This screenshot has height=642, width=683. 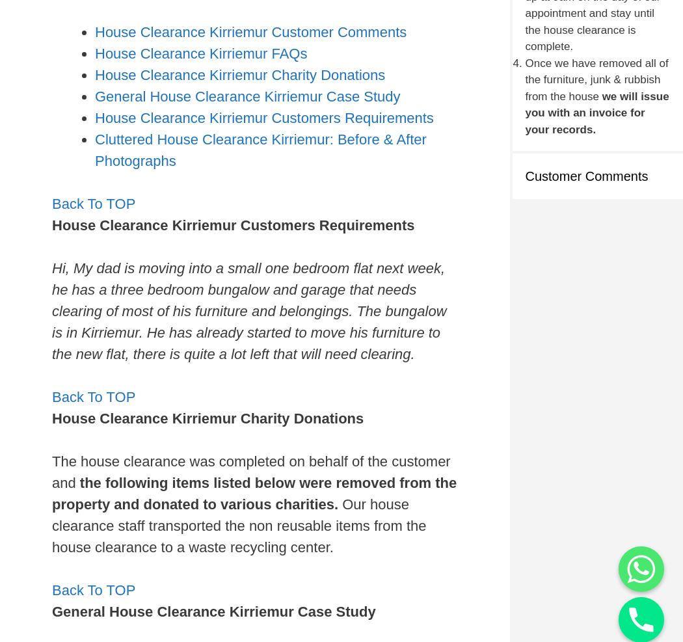 What do you see at coordinates (238, 525) in the screenshot?
I see `'Our house clearance staff transported the non reusable items from the house clearance to a waste recycling center.'` at bounding box center [238, 525].